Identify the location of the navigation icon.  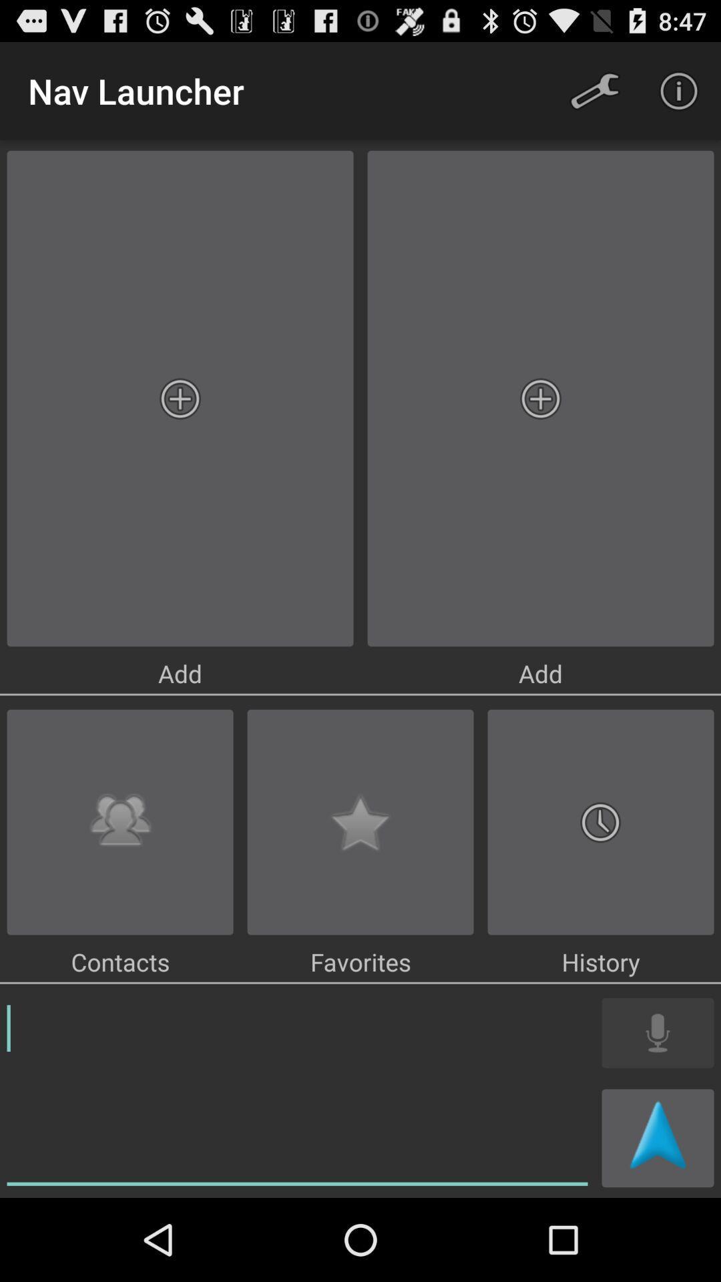
(657, 1218).